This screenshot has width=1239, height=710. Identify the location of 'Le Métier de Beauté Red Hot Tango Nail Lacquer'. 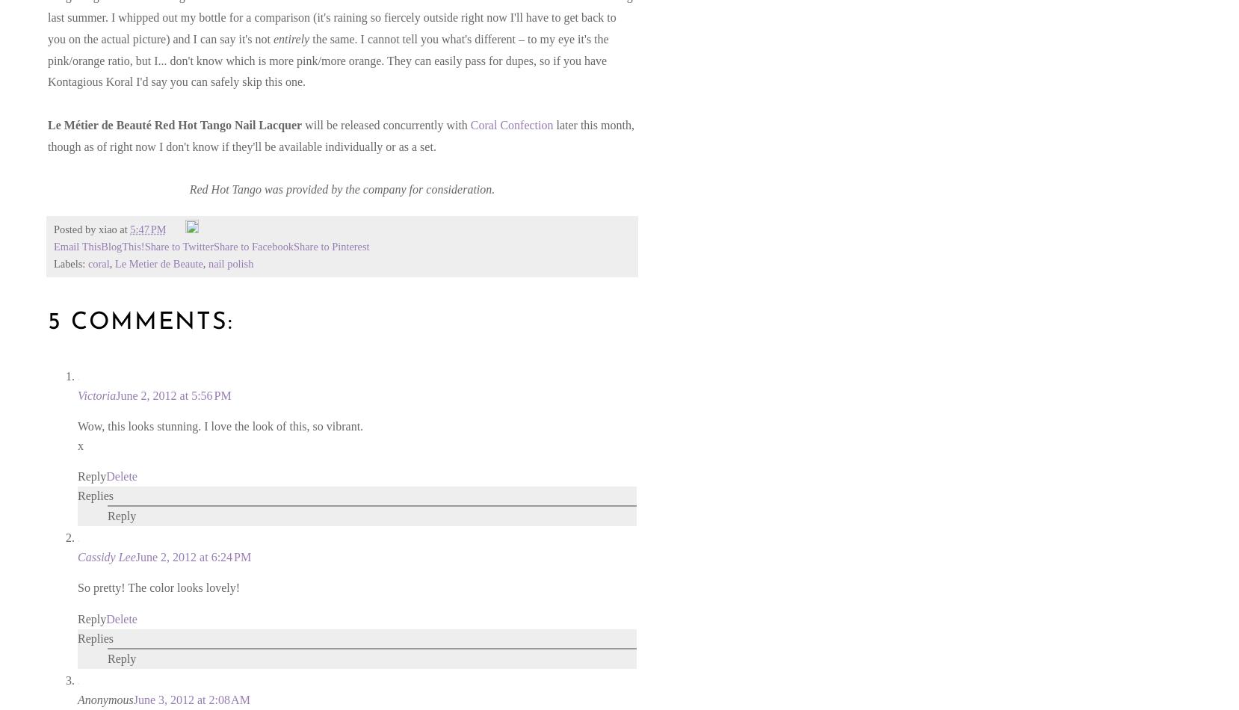
(174, 125).